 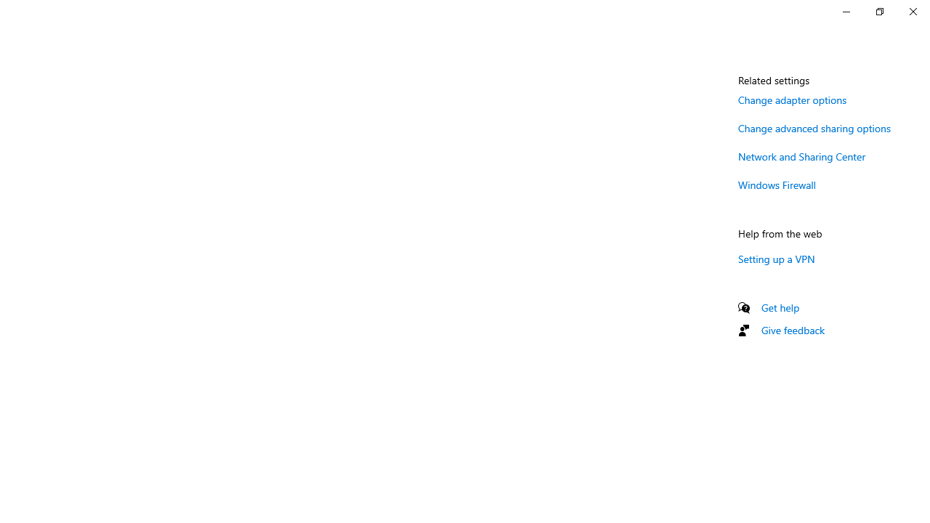 What do you see at coordinates (777, 184) in the screenshot?
I see `'Windows Firewall'` at bounding box center [777, 184].